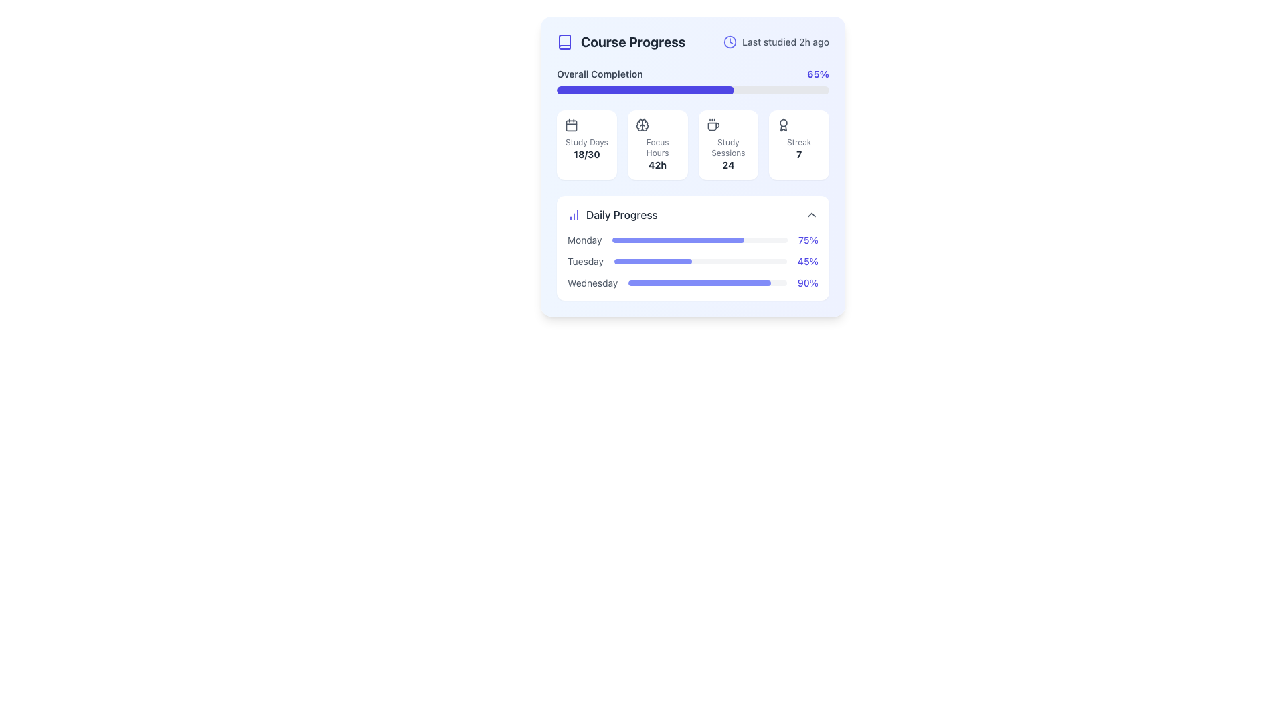  Describe the element at coordinates (585, 261) in the screenshot. I see `the text label displaying 'Tuesday', which is located within a daily progress entry, positioned to the left of a progress bar` at that location.